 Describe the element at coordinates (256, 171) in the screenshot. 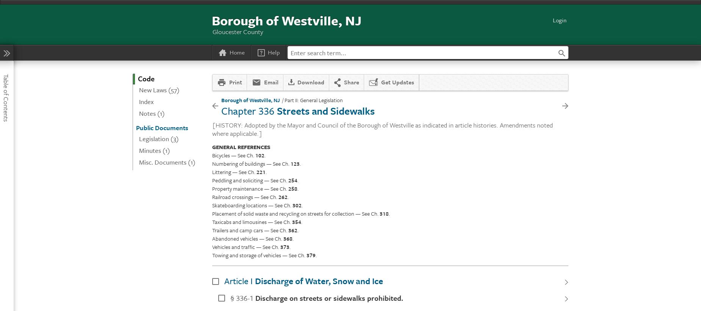

I see `'221'` at that location.